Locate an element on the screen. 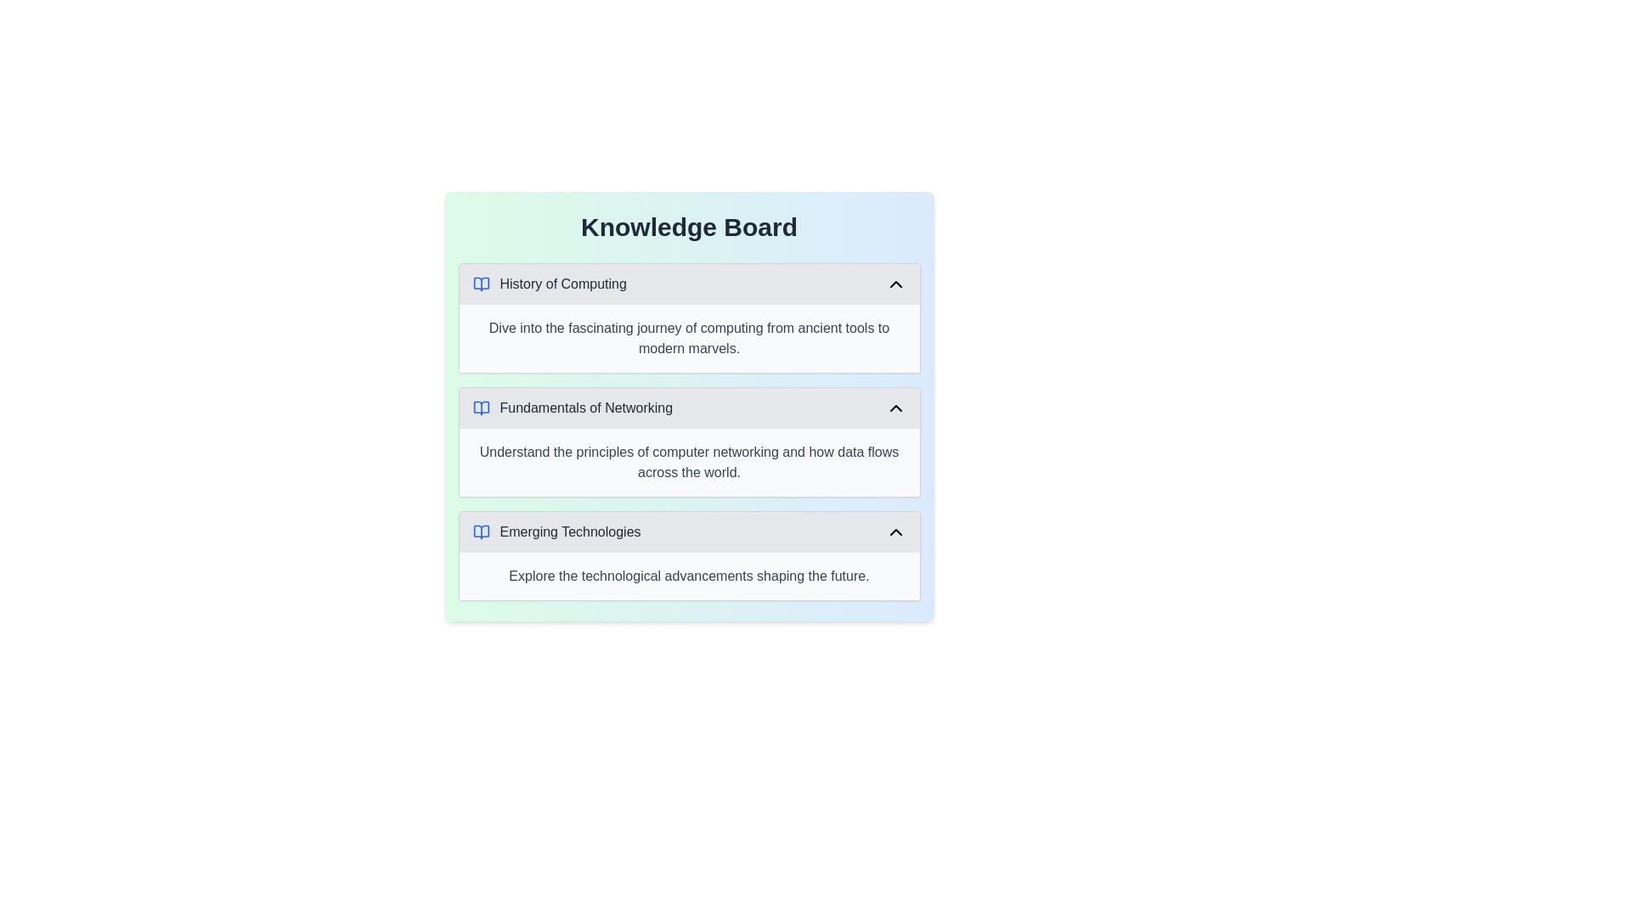 The image size is (1631, 917). the visual indicator icon at the beginning of the row for 'Fundamentals of Networking' is located at coordinates (480, 408).